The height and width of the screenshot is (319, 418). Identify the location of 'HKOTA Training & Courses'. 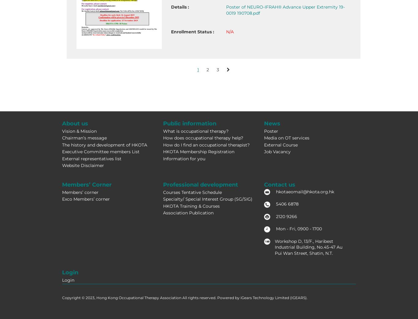
(191, 206).